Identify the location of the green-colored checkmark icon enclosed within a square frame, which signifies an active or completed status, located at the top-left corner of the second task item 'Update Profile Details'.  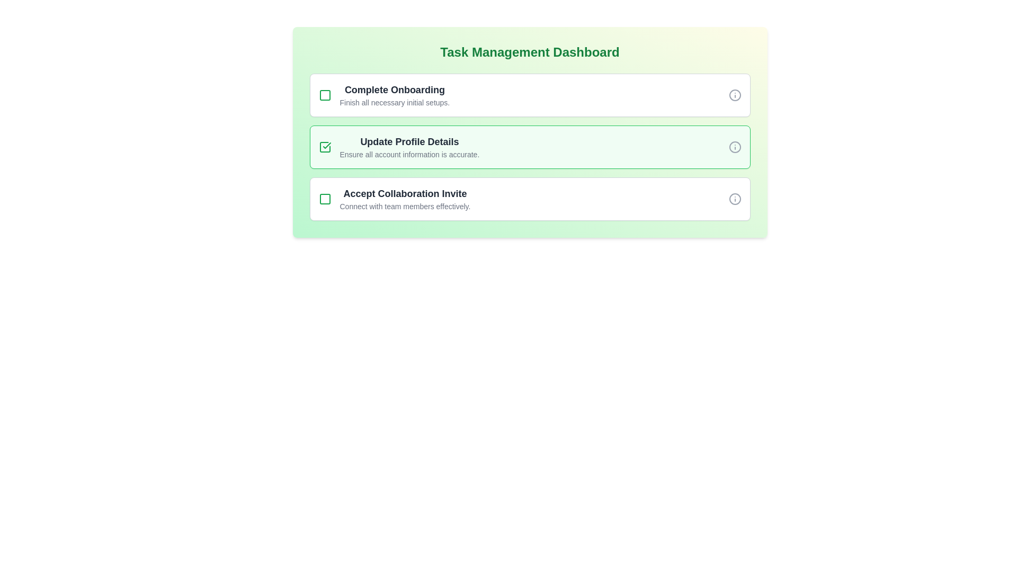
(324, 147).